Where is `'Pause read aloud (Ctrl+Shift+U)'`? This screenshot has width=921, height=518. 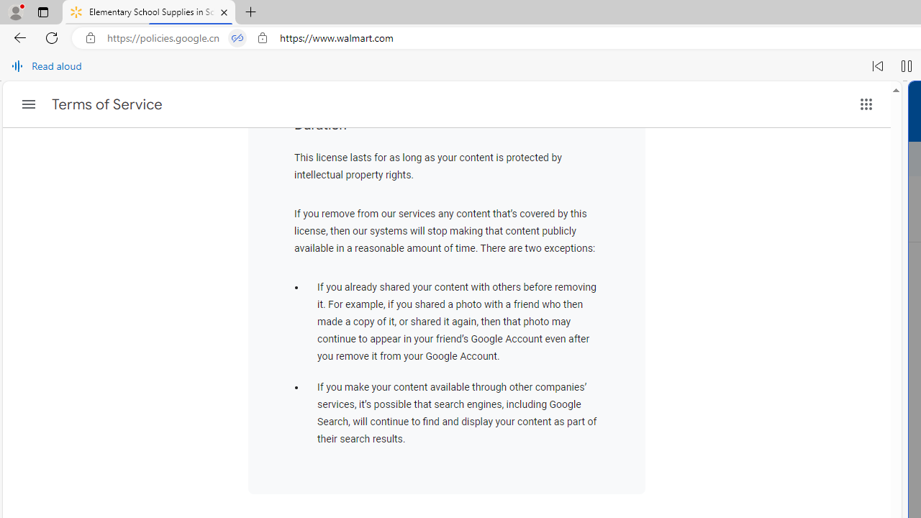
'Pause read aloud (Ctrl+Shift+U)' is located at coordinates (906, 66).